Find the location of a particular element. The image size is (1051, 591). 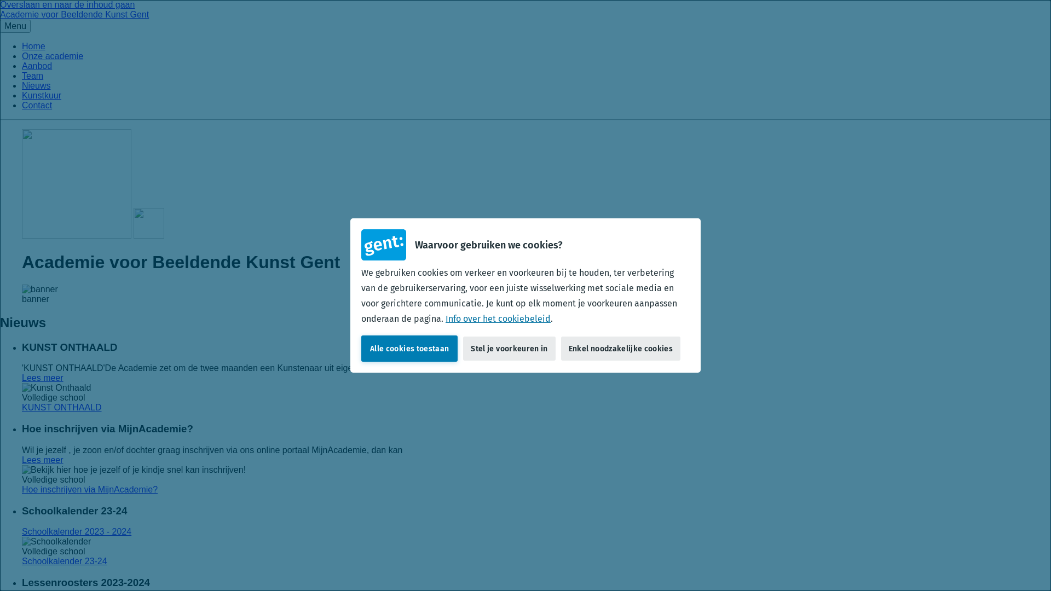

'Info over het cookiebeleid' is located at coordinates (446, 318).